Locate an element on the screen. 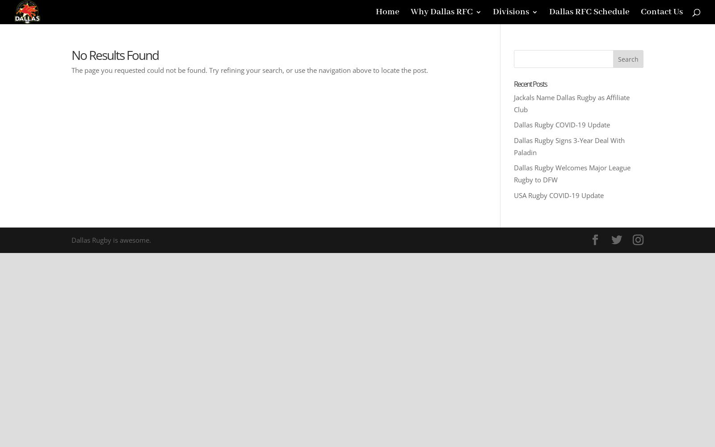 The height and width of the screenshot is (447, 715). 'The page you requested could not be found. Try refining your search, or use the navigation above to locate the post.' is located at coordinates (71, 70).